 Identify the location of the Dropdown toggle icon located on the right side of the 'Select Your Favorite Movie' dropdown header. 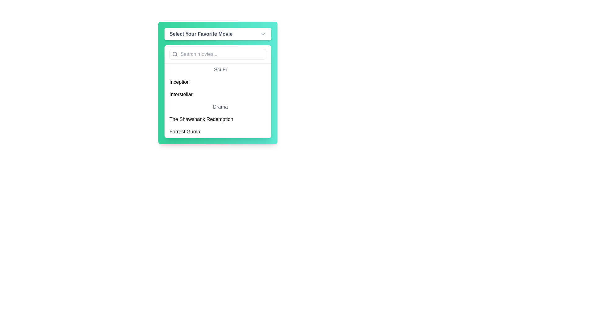
(263, 34).